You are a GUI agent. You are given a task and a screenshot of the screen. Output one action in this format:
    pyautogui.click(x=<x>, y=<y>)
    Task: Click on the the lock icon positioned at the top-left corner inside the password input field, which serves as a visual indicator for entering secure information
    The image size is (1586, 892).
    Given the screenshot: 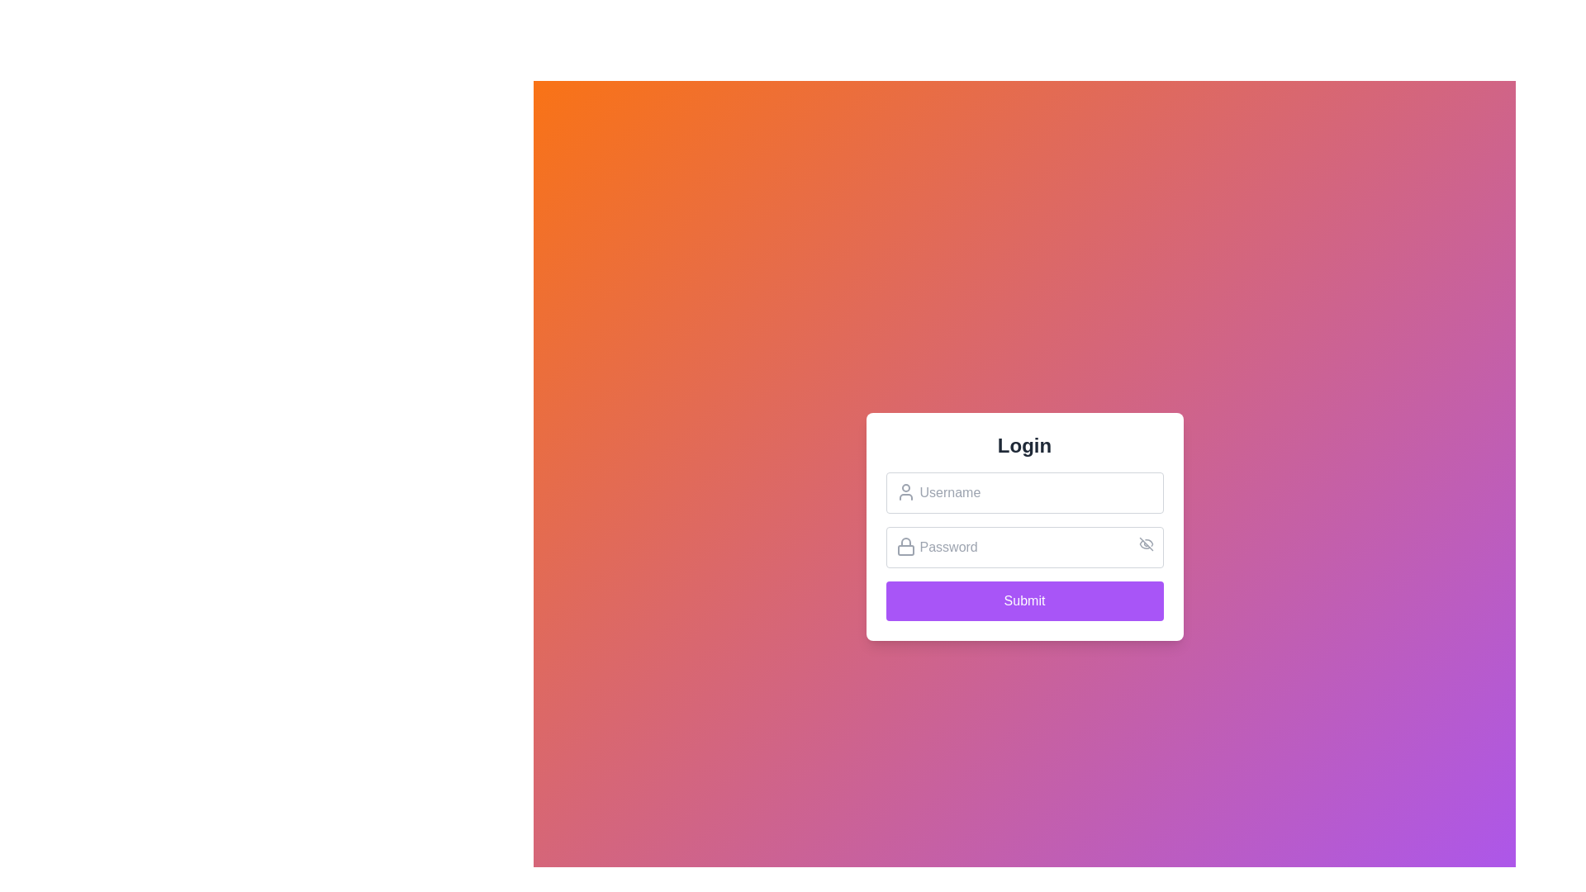 What is the action you would take?
    pyautogui.click(x=905, y=547)
    